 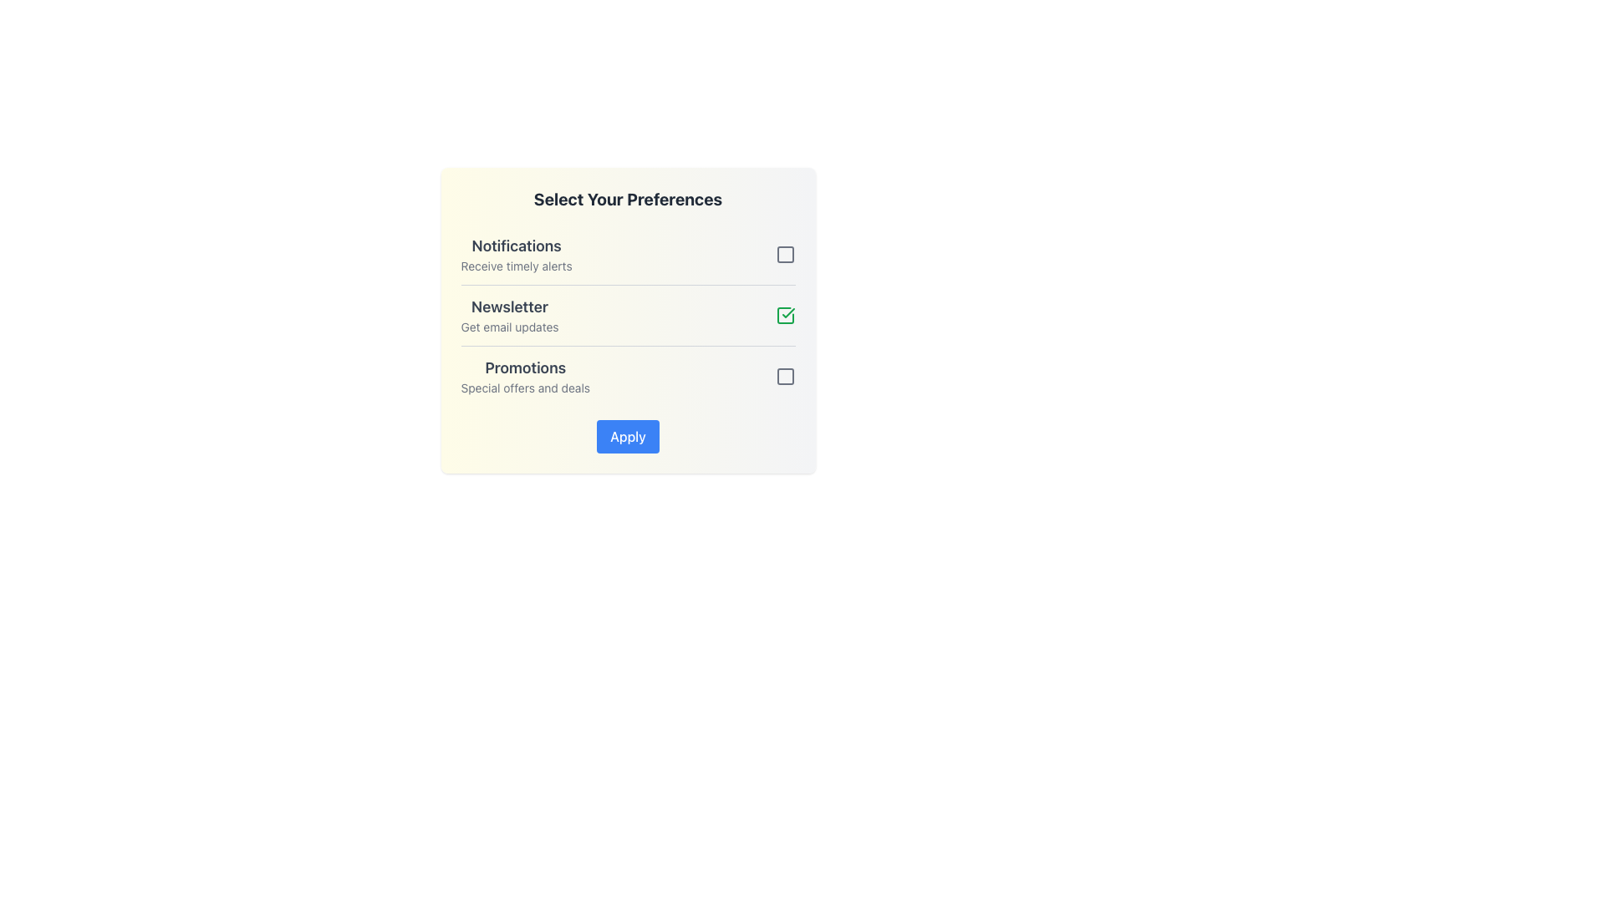 What do you see at coordinates (627, 436) in the screenshot?
I see `the action-triggering button located at the bottom center of the 'Select Your Preferences' panel` at bounding box center [627, 436].